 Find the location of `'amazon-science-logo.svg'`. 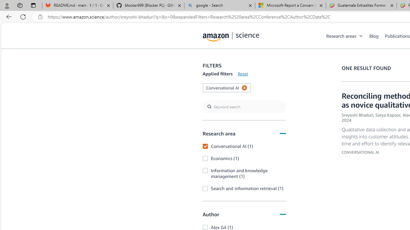

'amazon-science-logo.svg' is located at coordinates (231, 37).